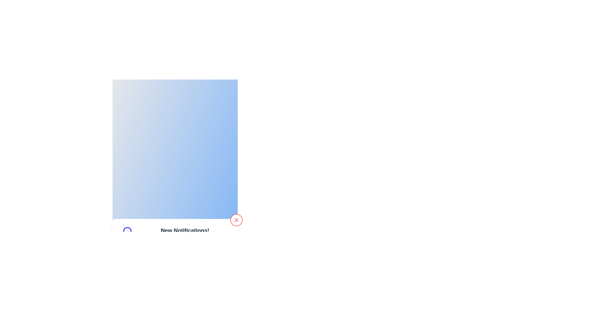  Describe the element at coordinates (236, 220) in the screenshot. I see `the circular dismiss button with a white background and a red border containing a red 'X' icon, located at the top-right corner of the notification card labeled 'New Notifications!'` at that location.